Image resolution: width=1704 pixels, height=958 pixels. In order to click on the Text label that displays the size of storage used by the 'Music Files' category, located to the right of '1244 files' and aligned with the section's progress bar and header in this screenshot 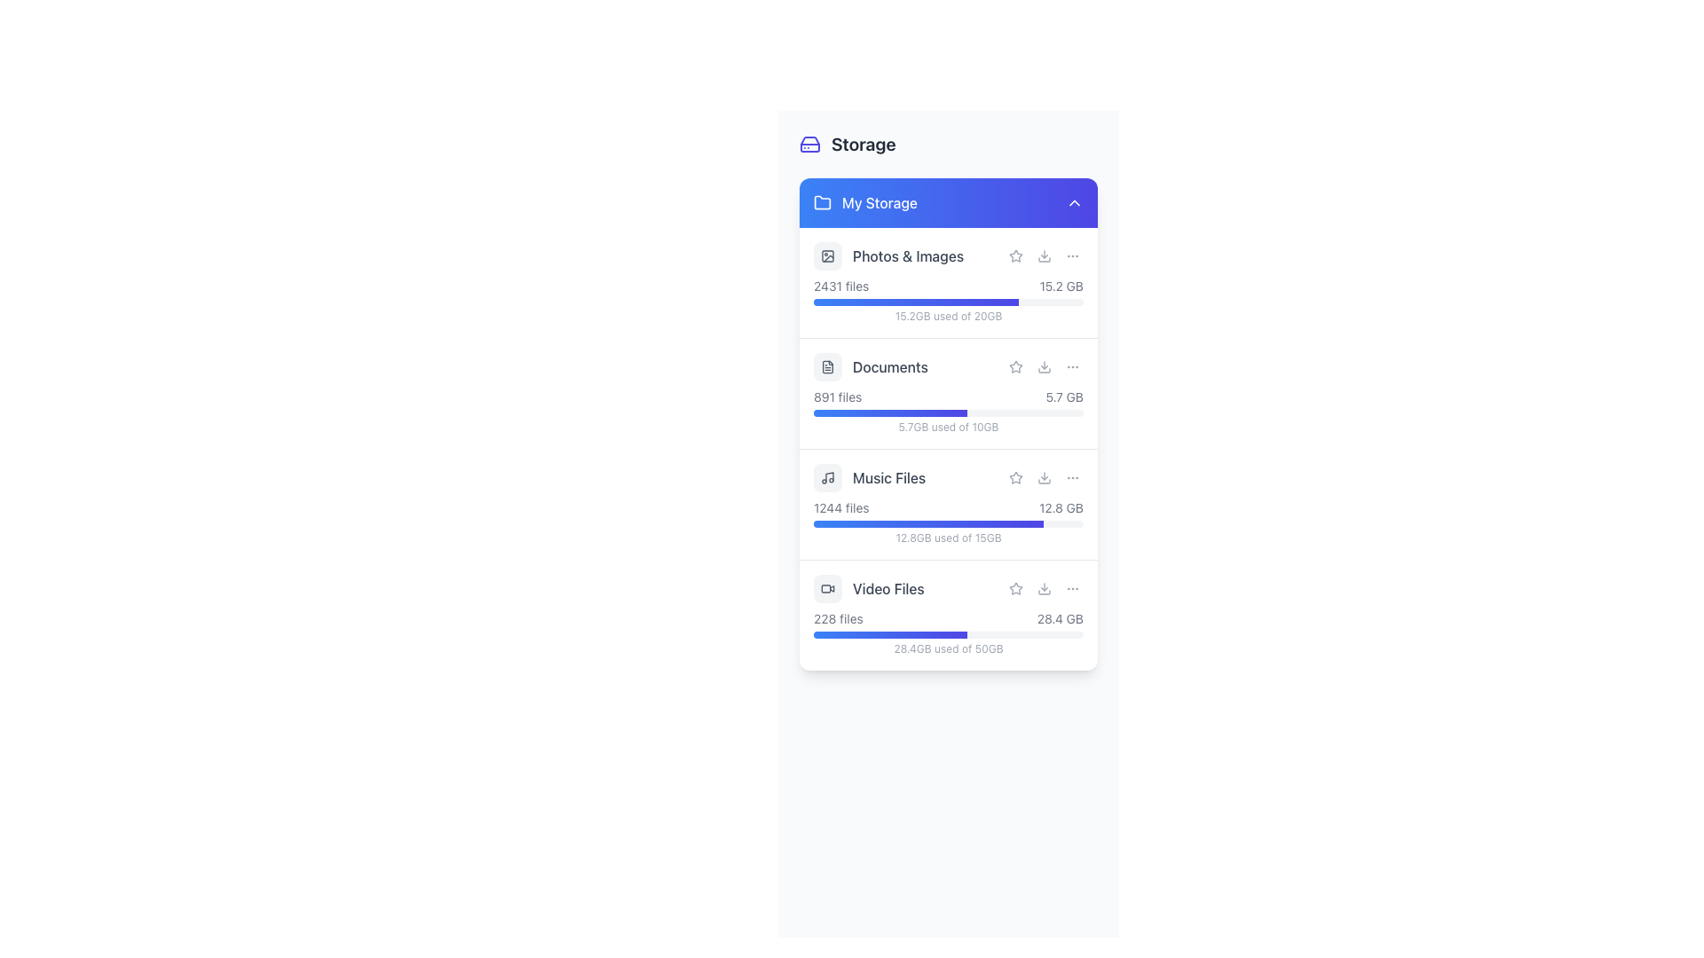, I will do `click(1061, 508)`.